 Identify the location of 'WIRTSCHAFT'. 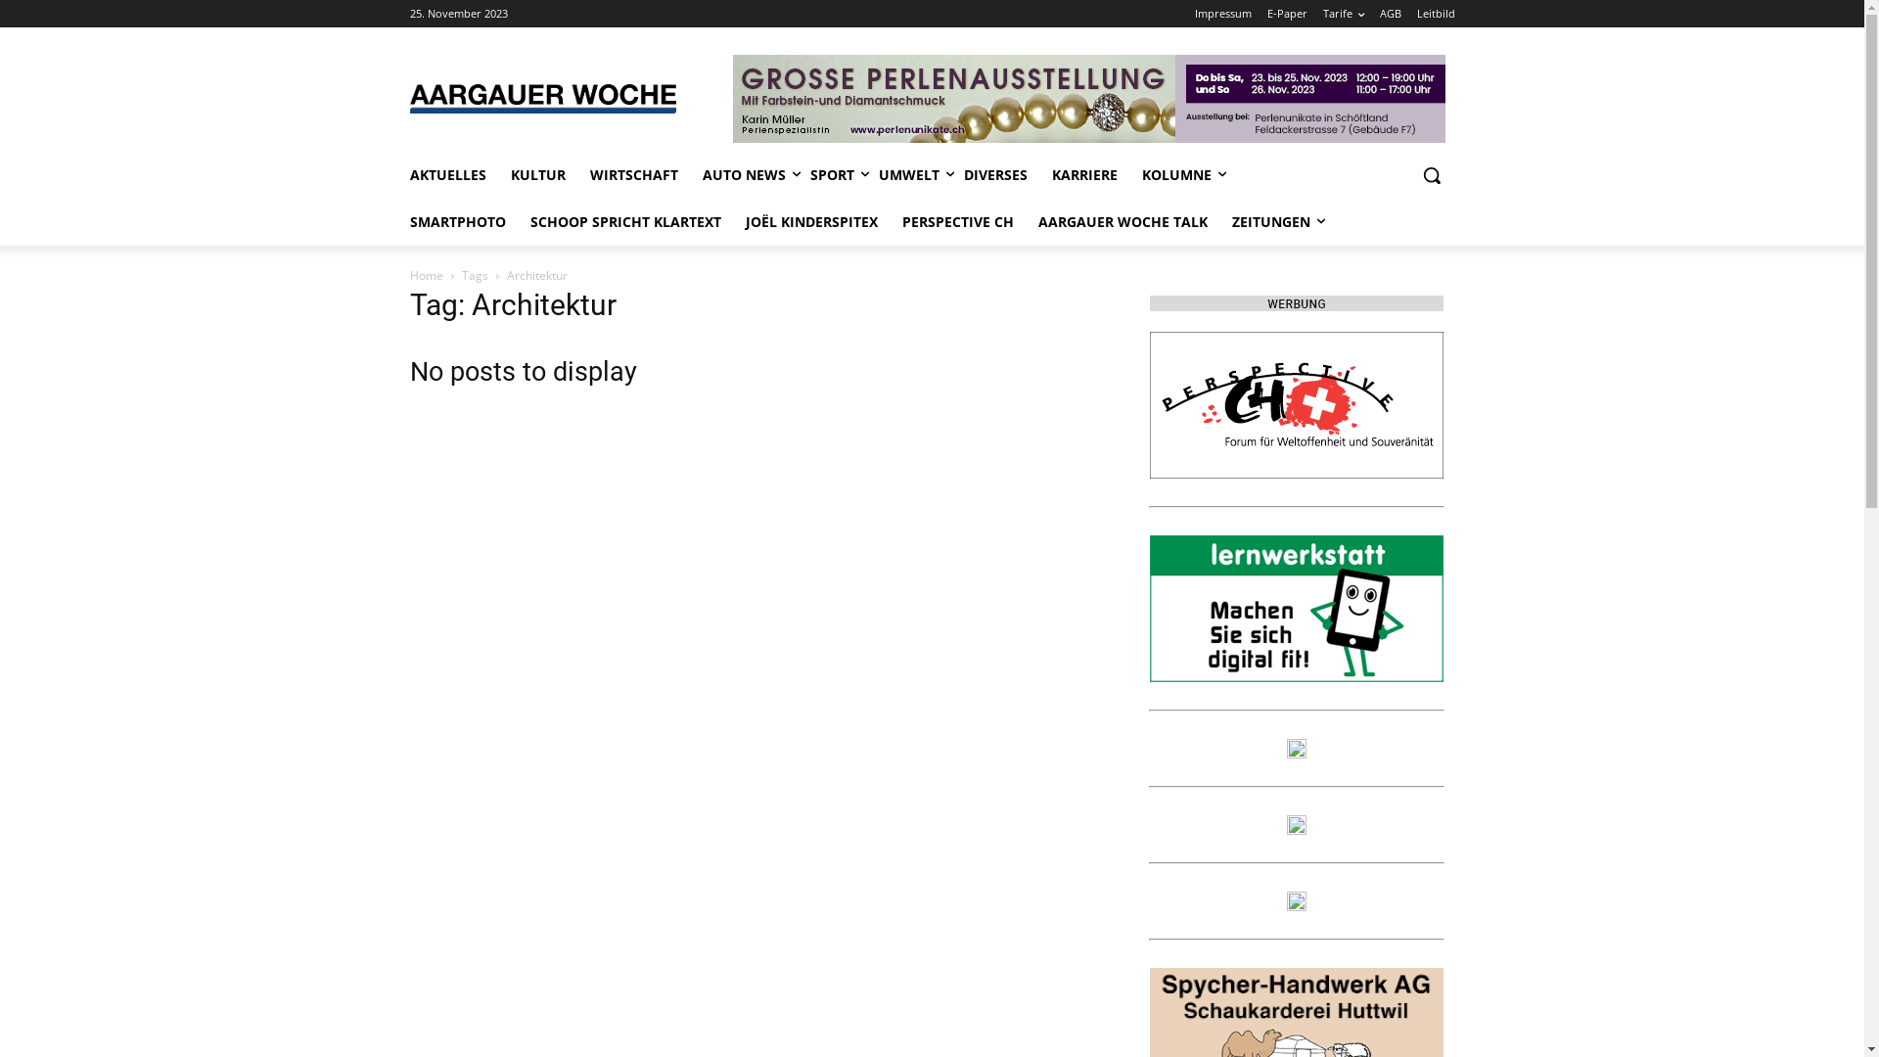
(633, 173).